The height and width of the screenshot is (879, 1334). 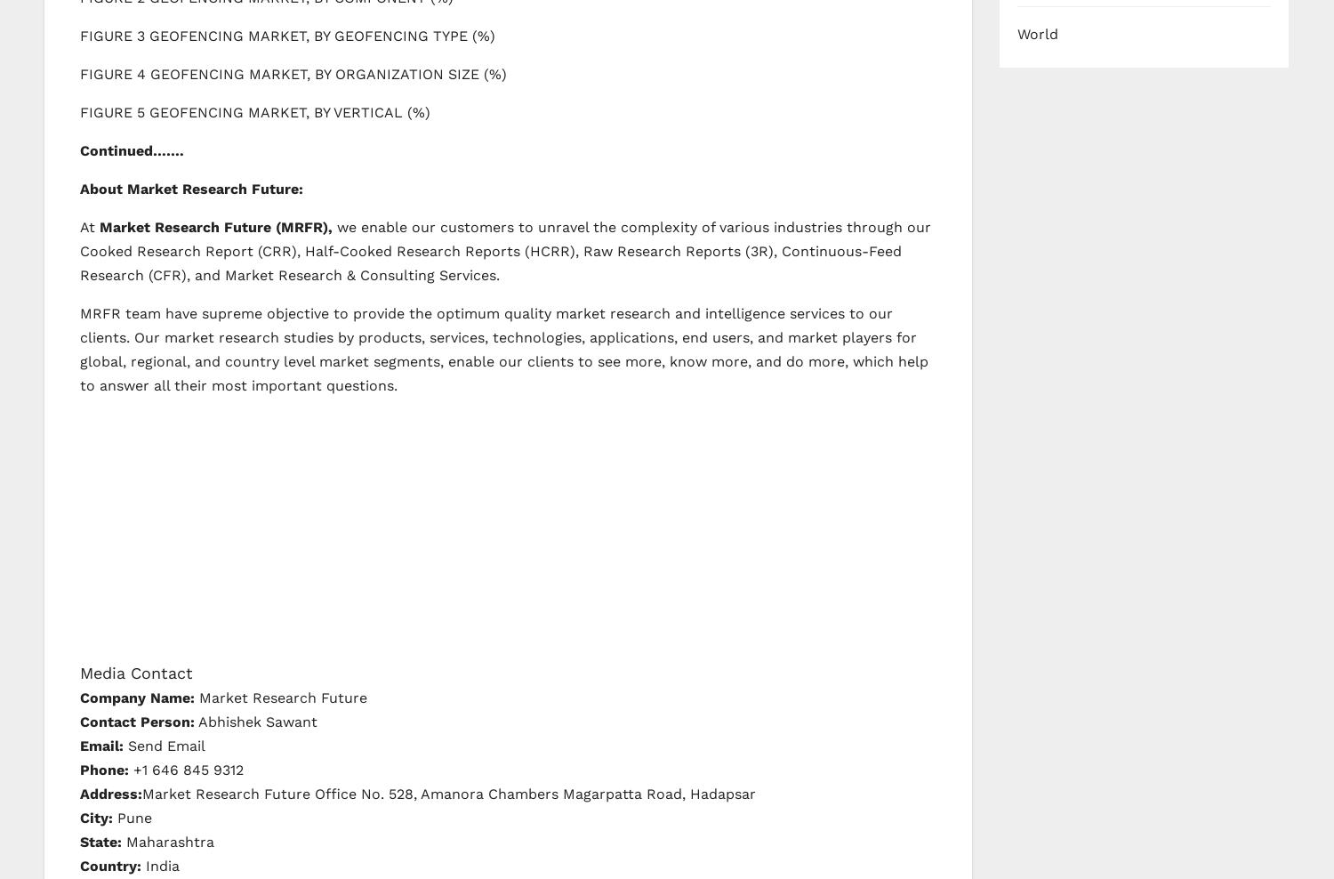 I want to click on 'Market Research Future (MRFR)', so click(x=213, y=225).